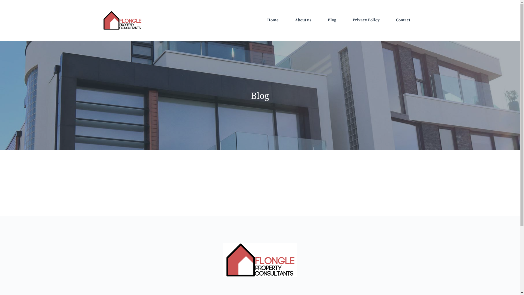 The height and width of the screenshot is (295, 524). What do you see at coordinates (403, 20) in the screenshot?
I see `'Contact'` at bounding box center [403, 20].